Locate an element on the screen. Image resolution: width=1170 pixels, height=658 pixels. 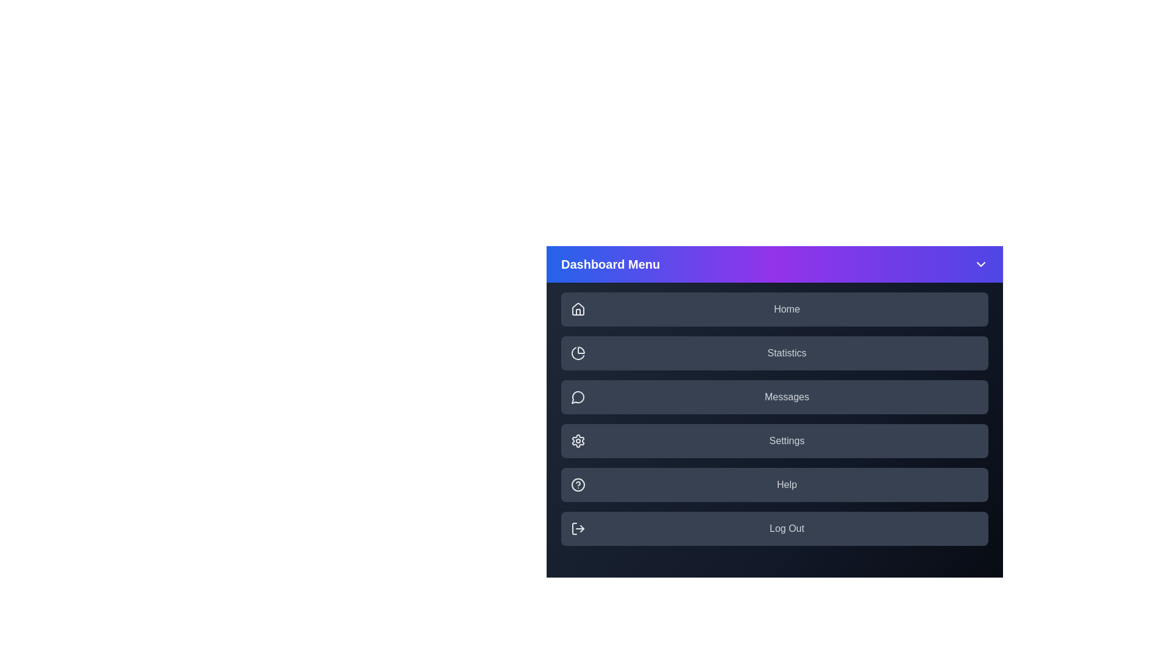
the menu item labeled Statistics to highlight it is located at coordinates (774, 353).